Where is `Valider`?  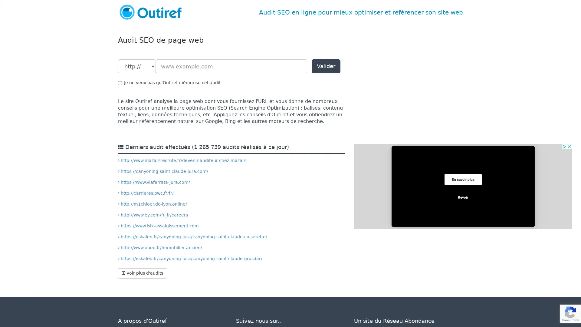
Valider is located at coordinates (326, 66).